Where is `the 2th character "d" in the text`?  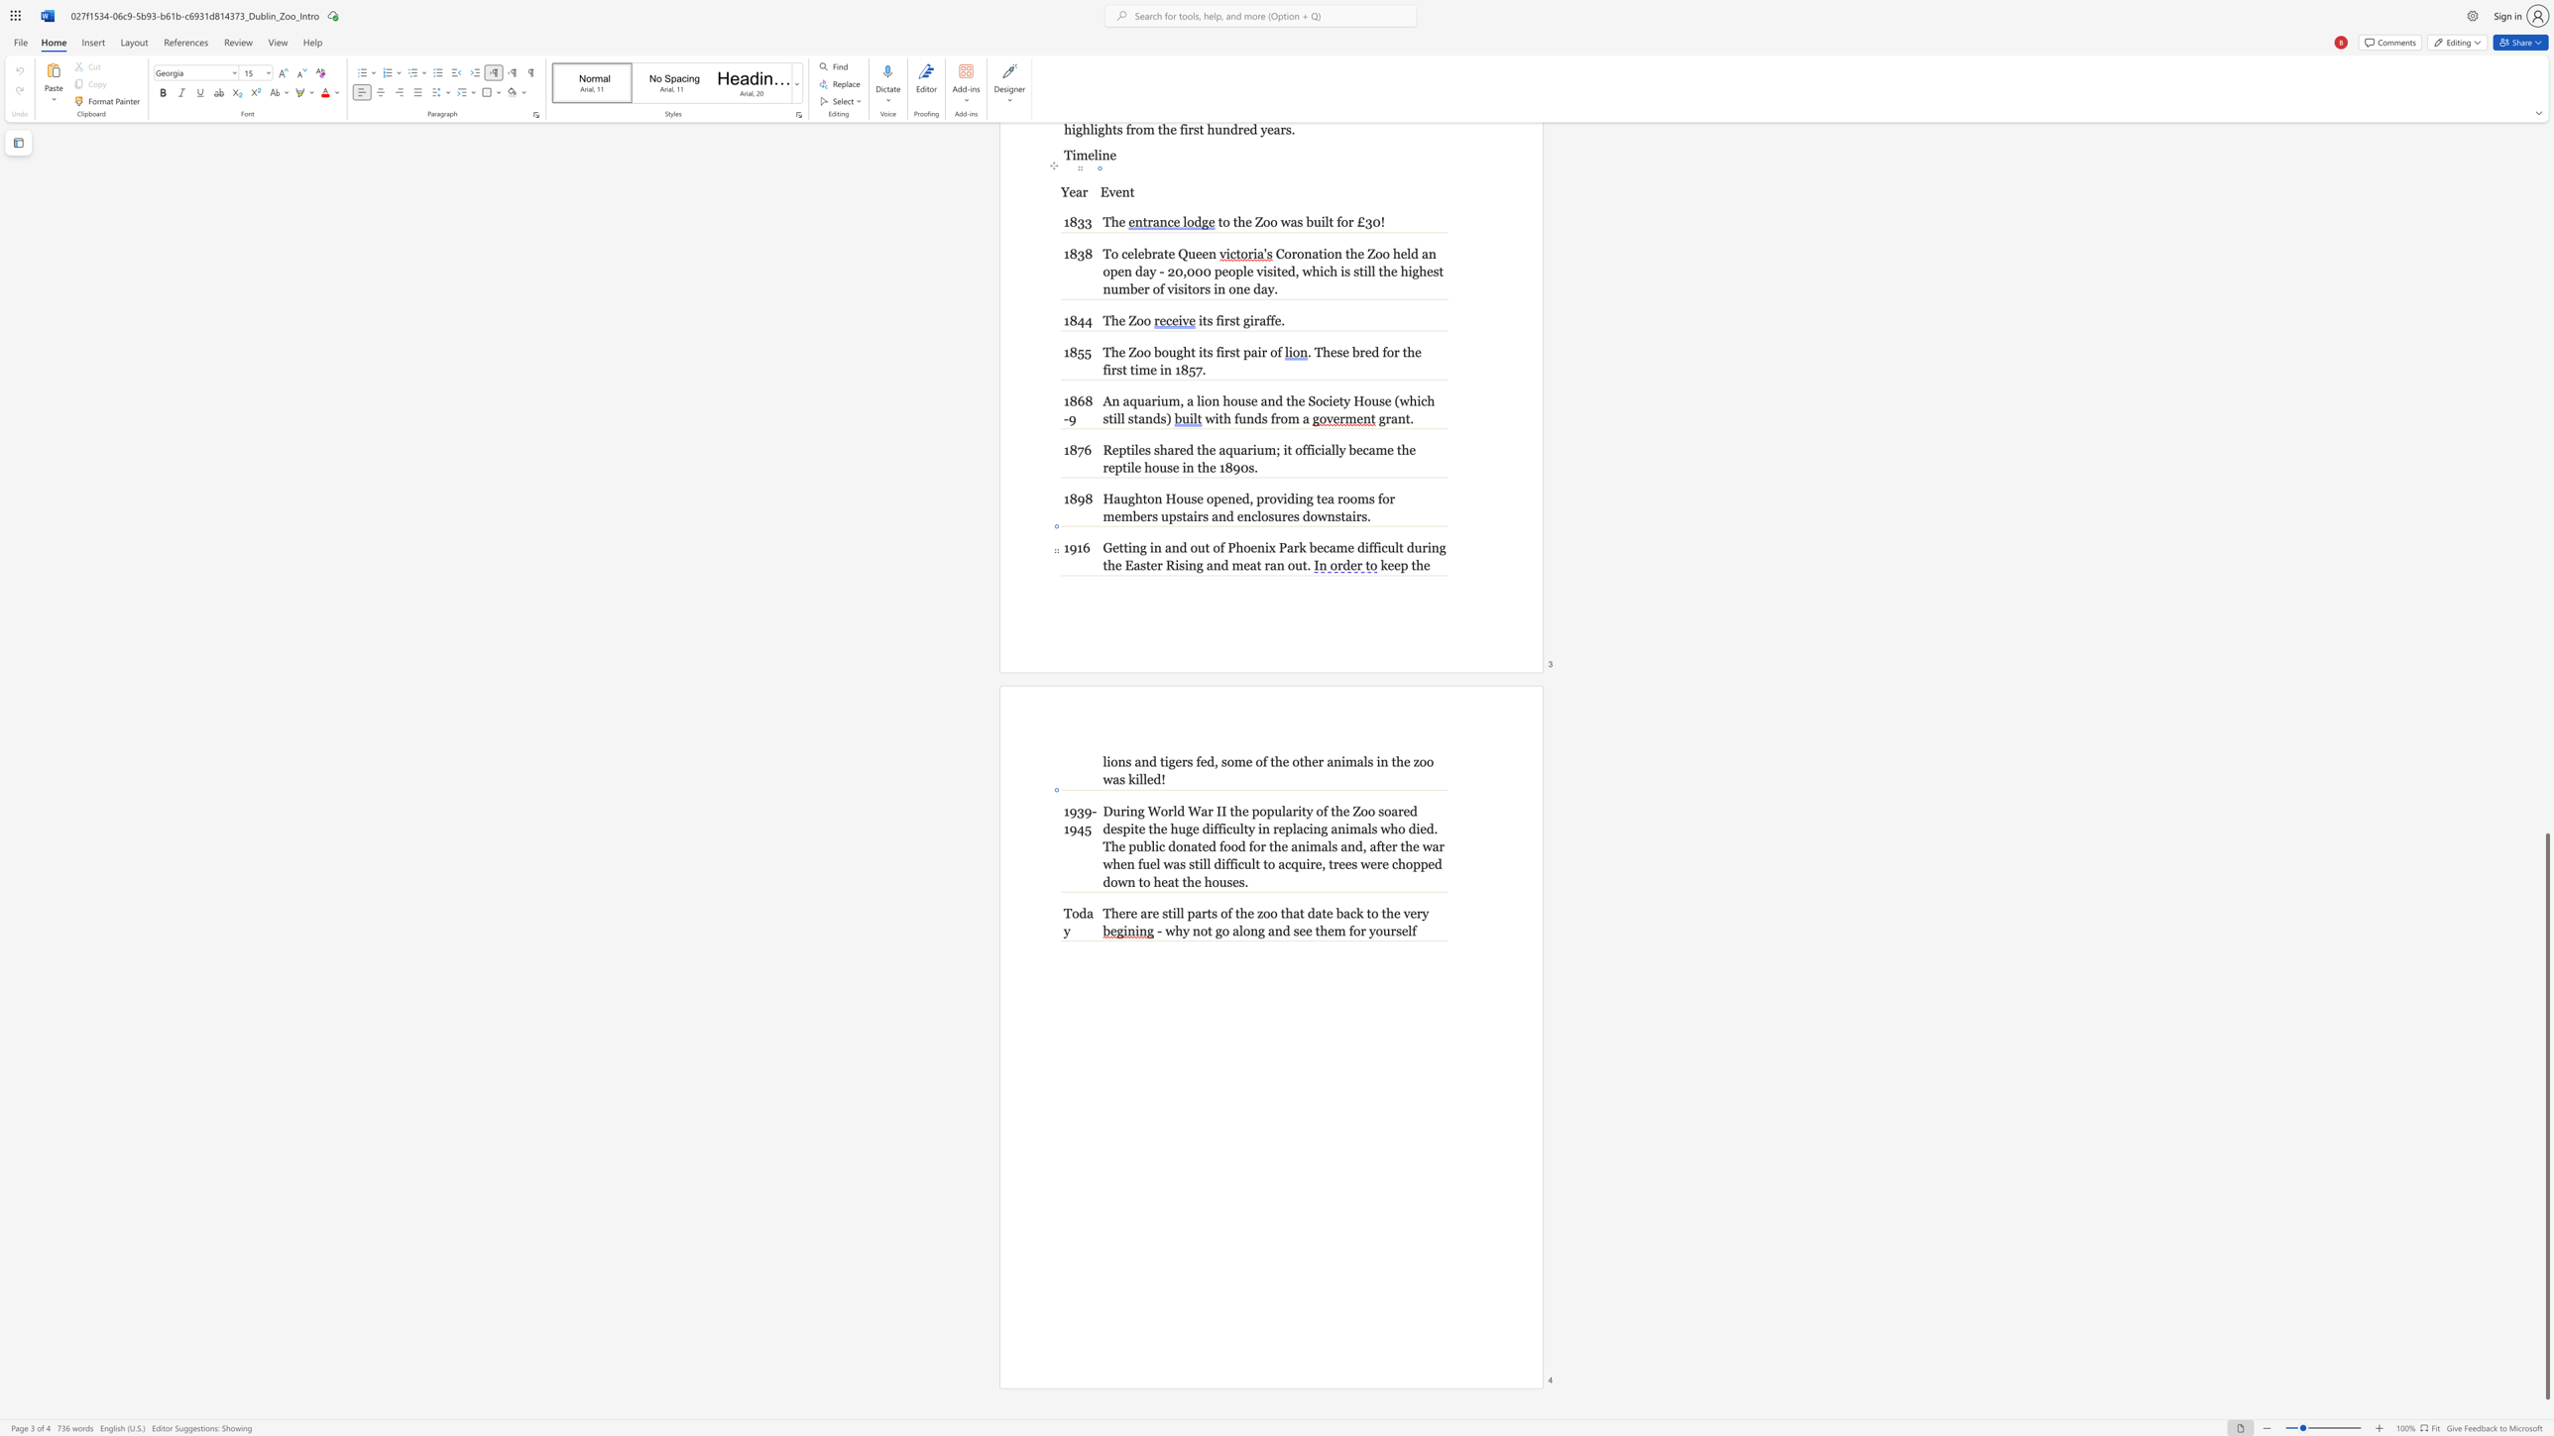
the 2th character "d" in the text is located at coordinates (1106, 882).